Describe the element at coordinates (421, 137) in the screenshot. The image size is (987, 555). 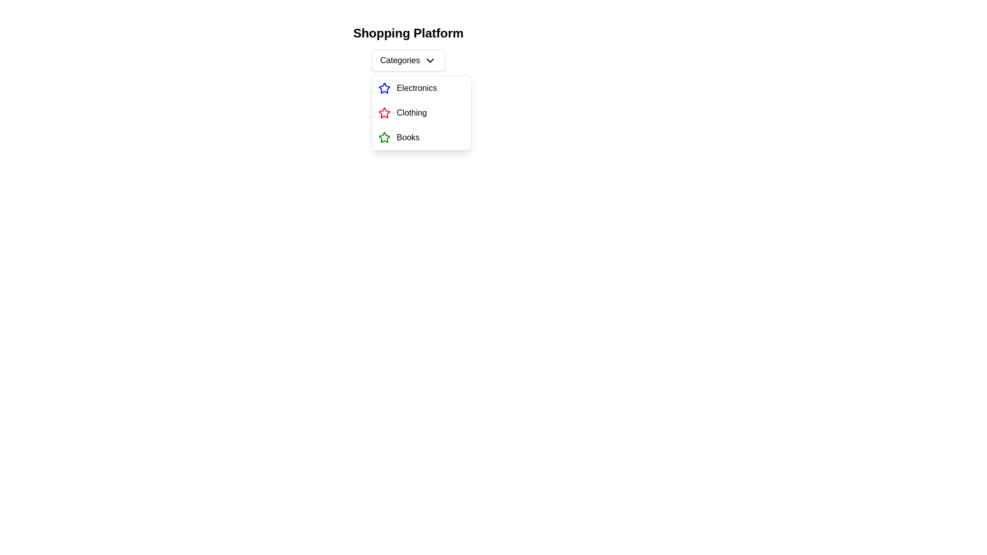
I see `to select the 'Books' menu item, which is the third item in the dropdown list of categories, positioned below 'Electronics' and 'Clothing'` at that location.